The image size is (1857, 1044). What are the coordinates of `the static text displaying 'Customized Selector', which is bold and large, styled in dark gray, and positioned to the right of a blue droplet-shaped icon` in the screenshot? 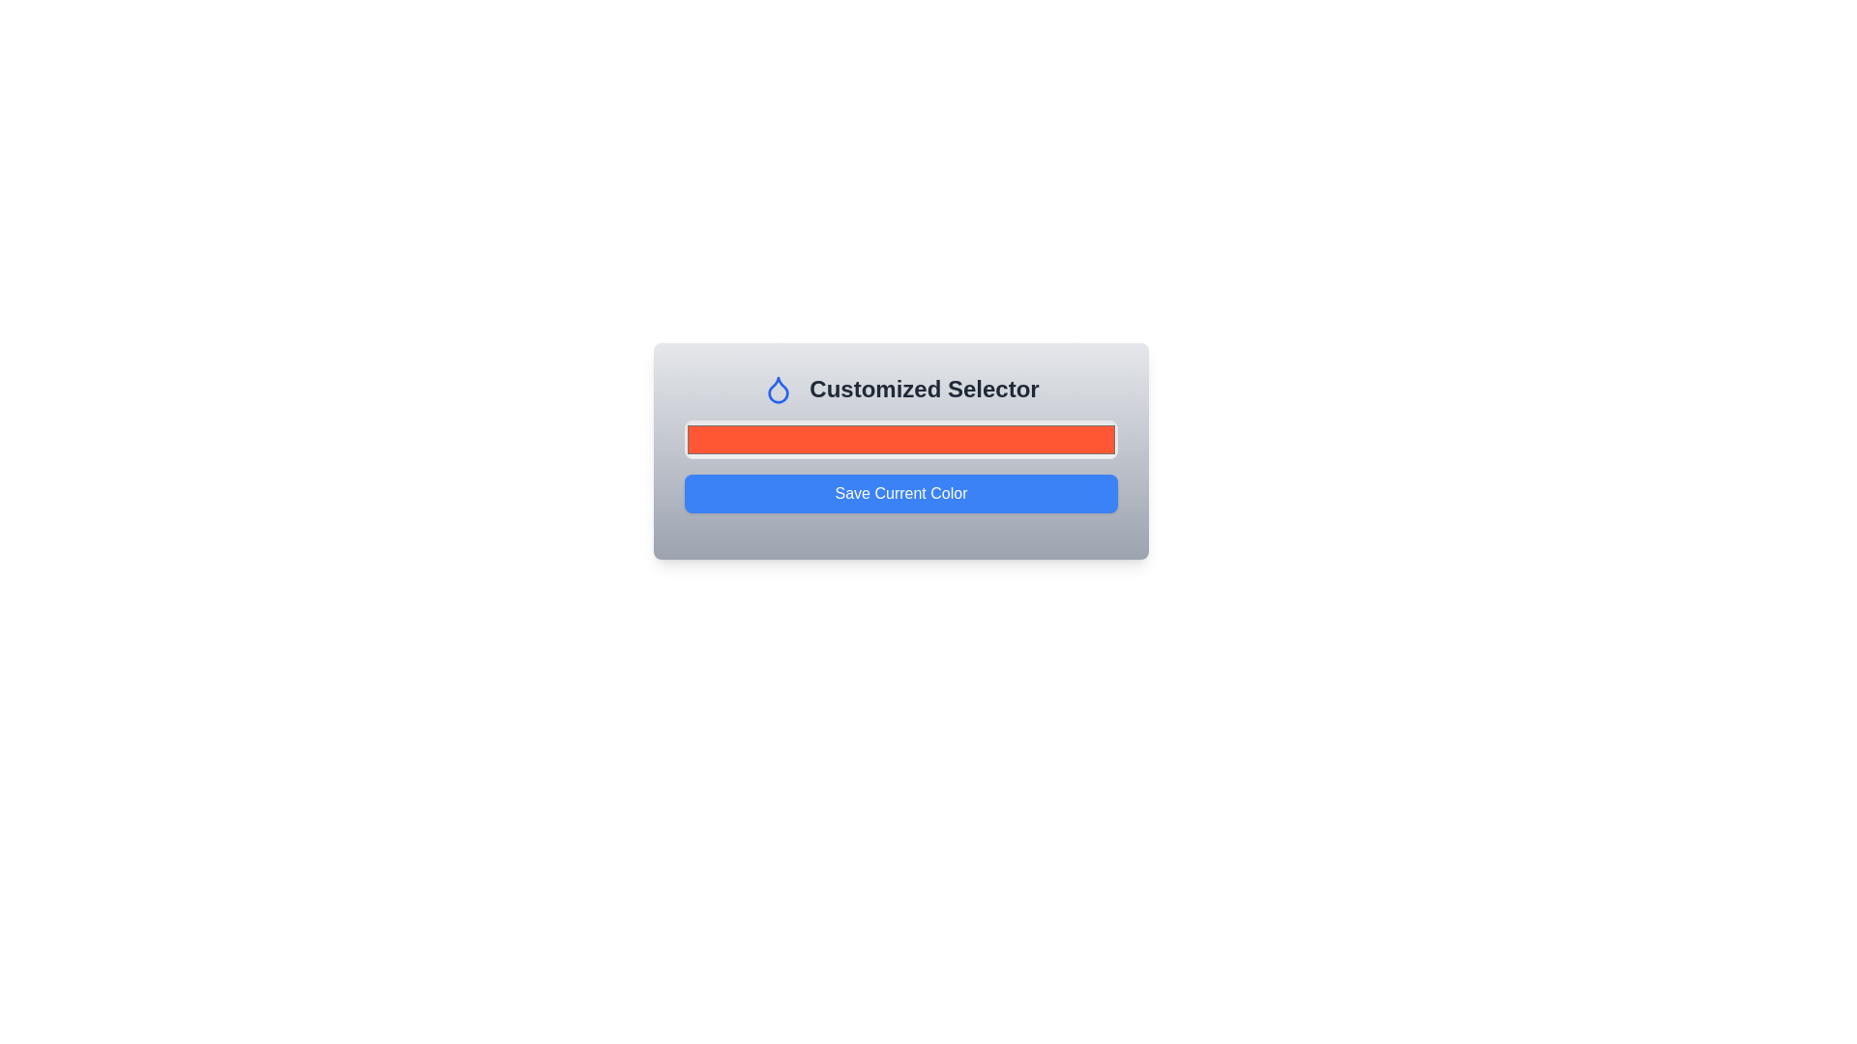 It's located at (923, 389).